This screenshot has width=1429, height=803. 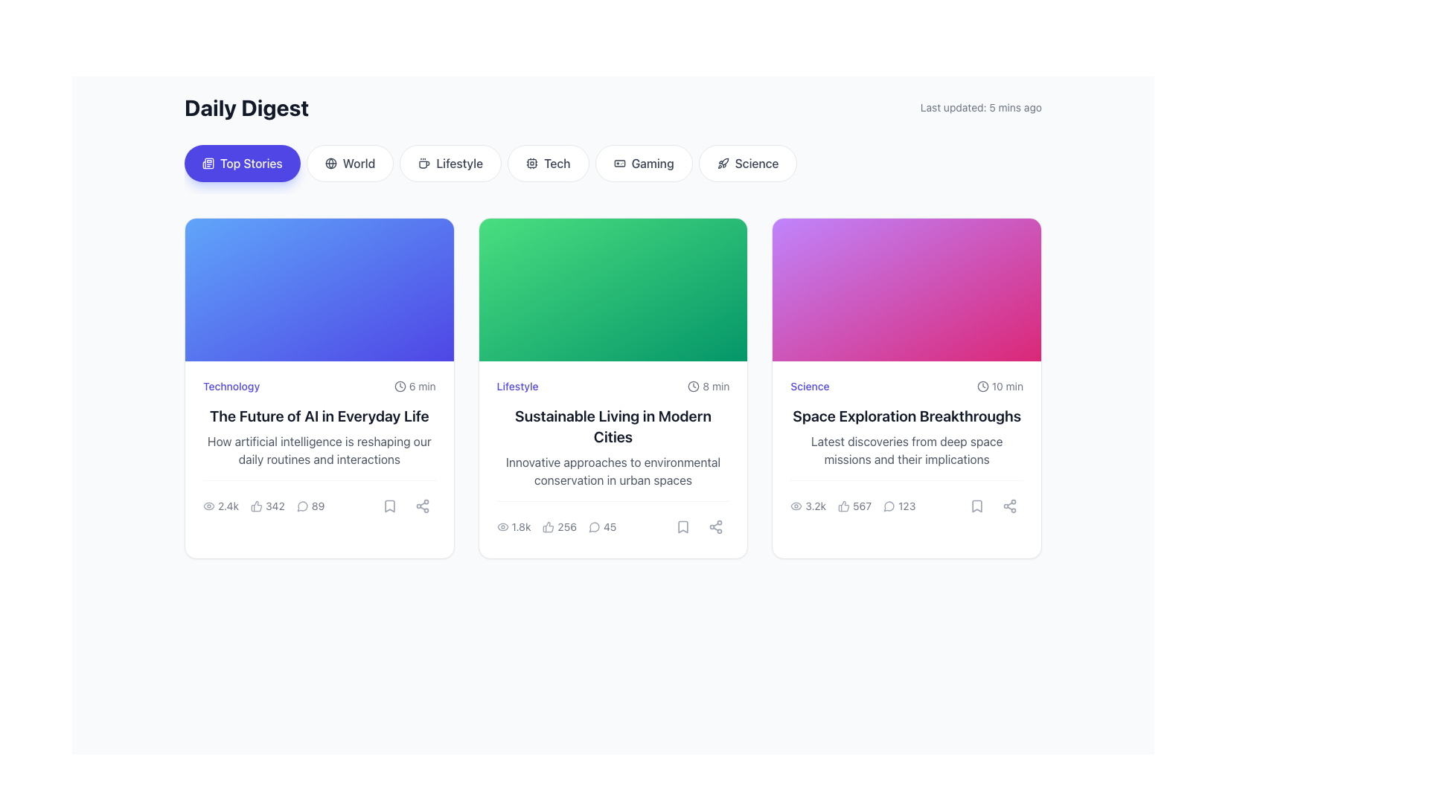 What do you see at coordinates (220, 506) in the screenshot?
I see `the visual indicator displaying a view count of '2.4k' featuring an eye icon, located at the bottom left of the 'The Future of AI in Everyday Life' article card` at bounding box center [220, 506].